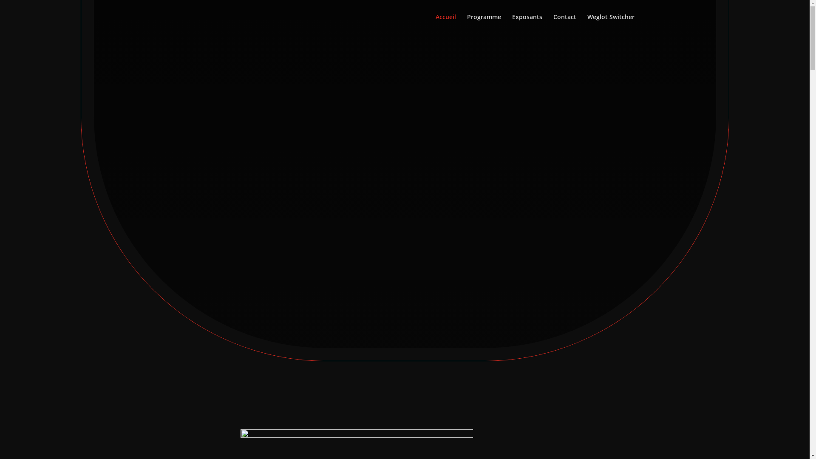  I want to click on 'Accueil', so click(445, 23).